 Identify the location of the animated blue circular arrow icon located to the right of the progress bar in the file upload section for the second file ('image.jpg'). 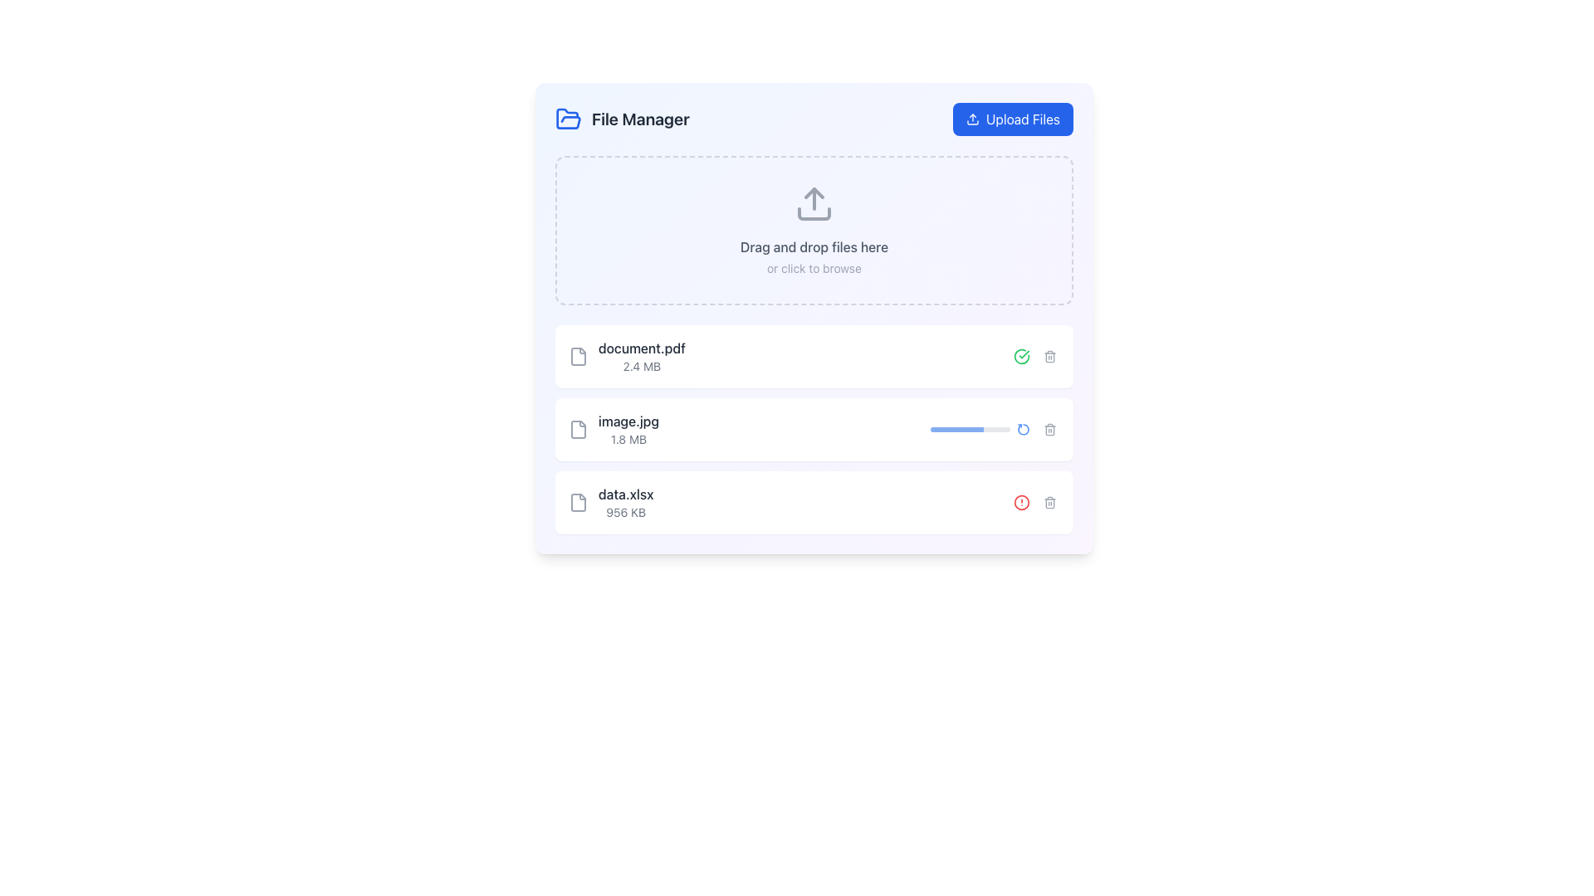
(1023, 428).